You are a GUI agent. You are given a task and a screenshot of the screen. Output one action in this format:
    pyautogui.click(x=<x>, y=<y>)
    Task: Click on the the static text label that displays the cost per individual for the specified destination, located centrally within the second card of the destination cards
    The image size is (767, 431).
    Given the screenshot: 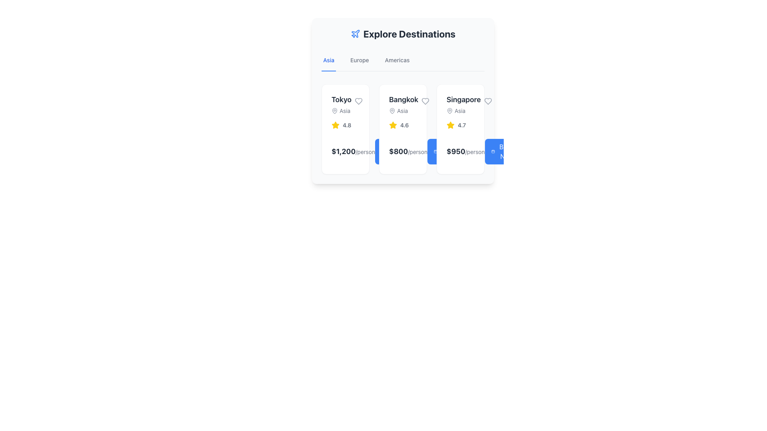 What is the action you would take?
    pyautogui.click(x=408, y=152)
    